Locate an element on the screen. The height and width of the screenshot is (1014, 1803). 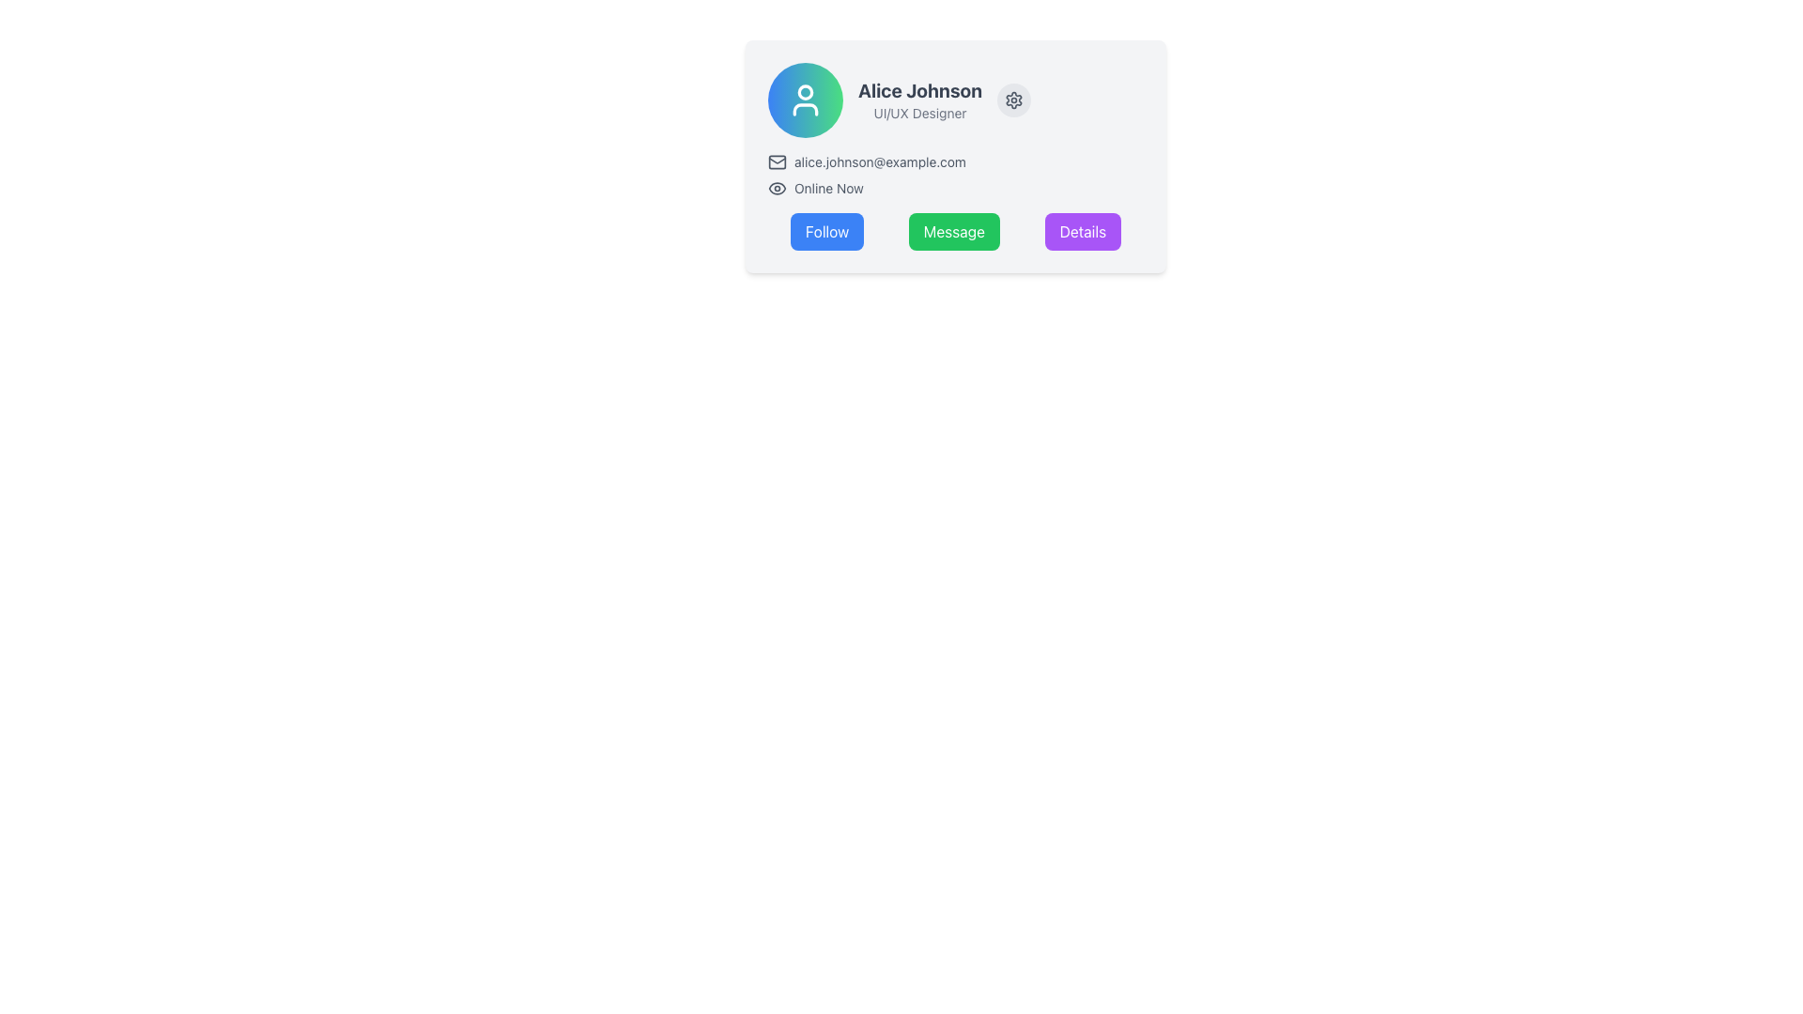
the 'Follow' button located in the leftmost position of the button group below the user's name to initiate the follow action is located at coordinates (826, 230).